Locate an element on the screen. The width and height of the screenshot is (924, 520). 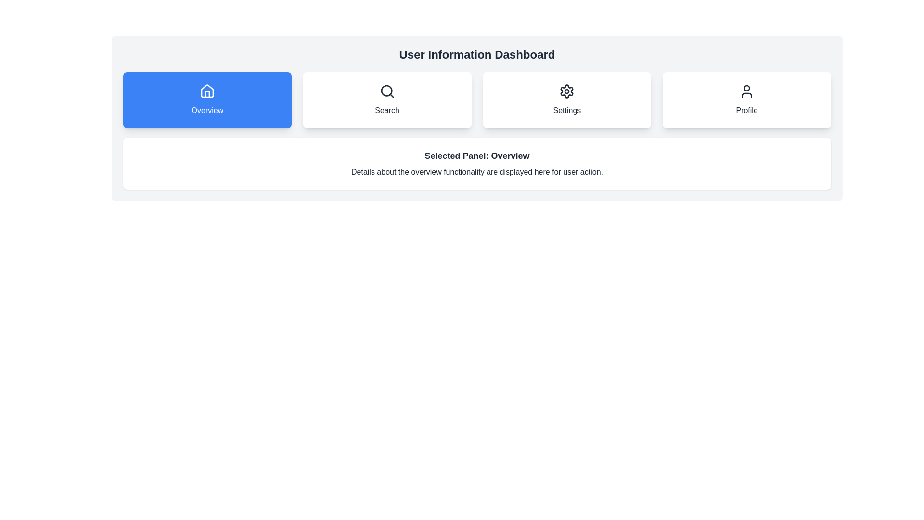
the 'Profile' icon located inside the 'Profile' card in the grid layout is located at coordinates (746, 91).